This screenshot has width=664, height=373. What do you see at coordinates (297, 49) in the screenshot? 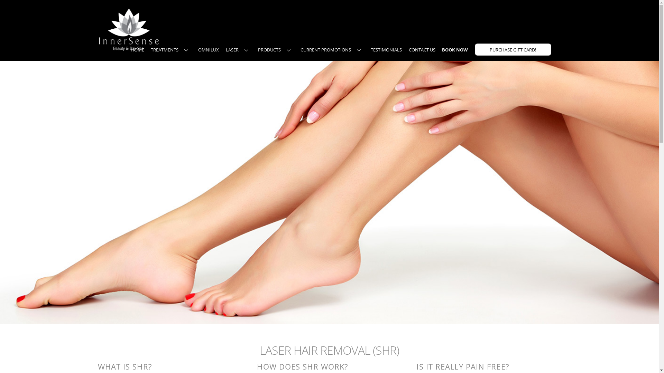
I see `'CURRENT PROMOTIONS'` at bounding box center [297, 49].